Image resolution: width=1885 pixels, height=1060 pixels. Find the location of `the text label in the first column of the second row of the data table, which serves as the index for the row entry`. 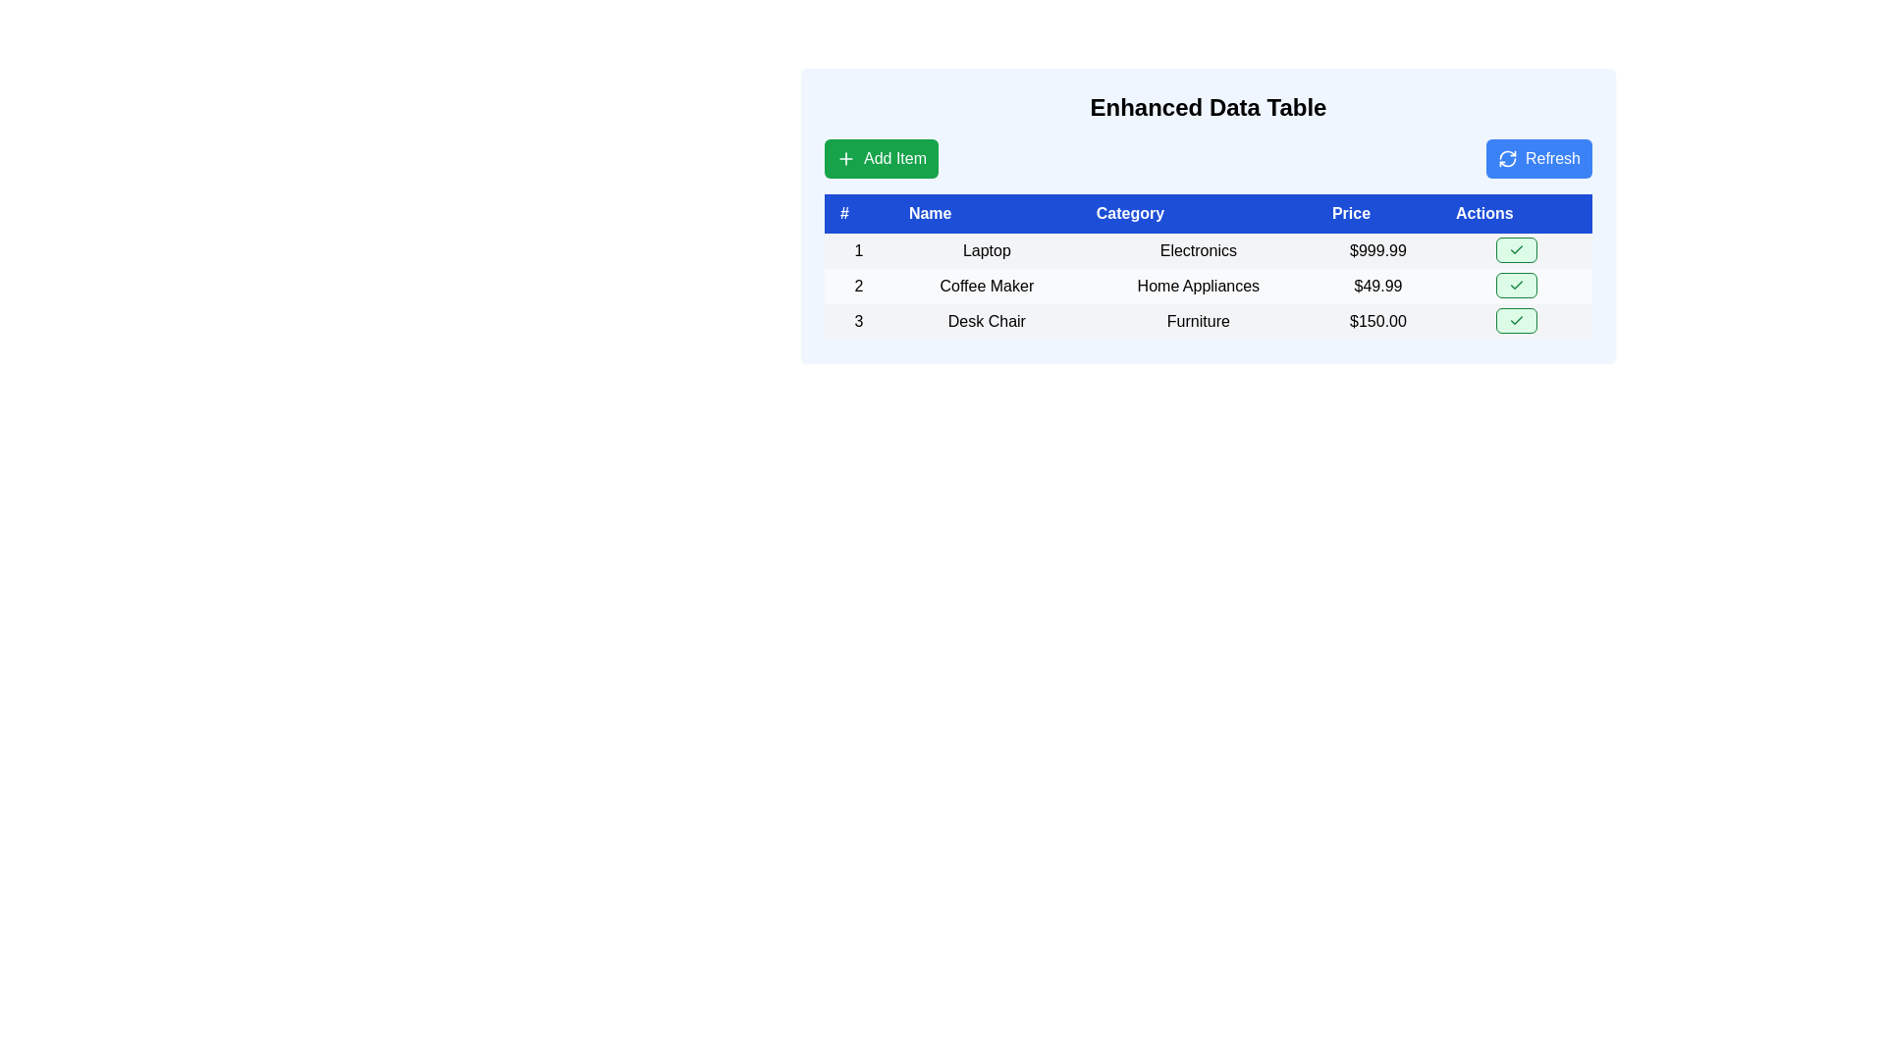

the text label in the first column of the second row of the data table, which serves as the index for the row entry is located at coordinates (858, 287).